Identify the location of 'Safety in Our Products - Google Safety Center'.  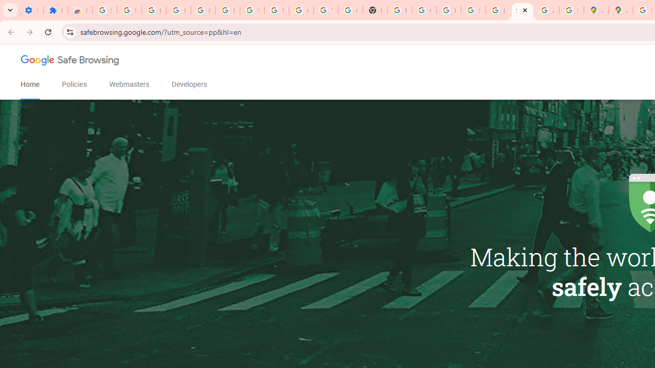
(571, 10).